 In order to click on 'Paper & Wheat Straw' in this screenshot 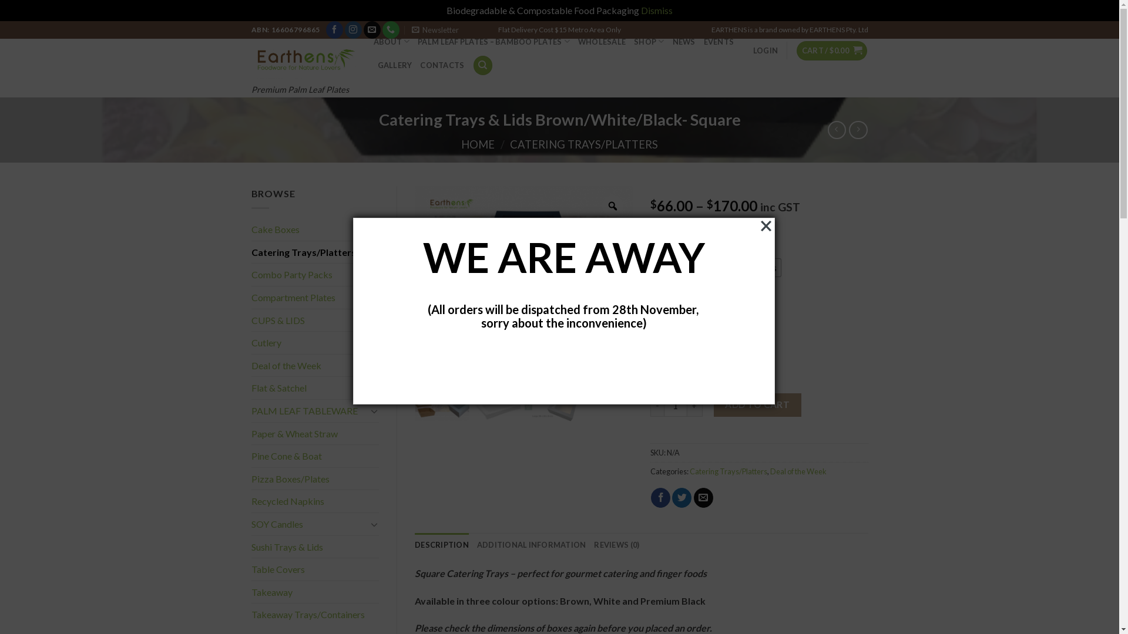, I will do `click(250, 434)`.